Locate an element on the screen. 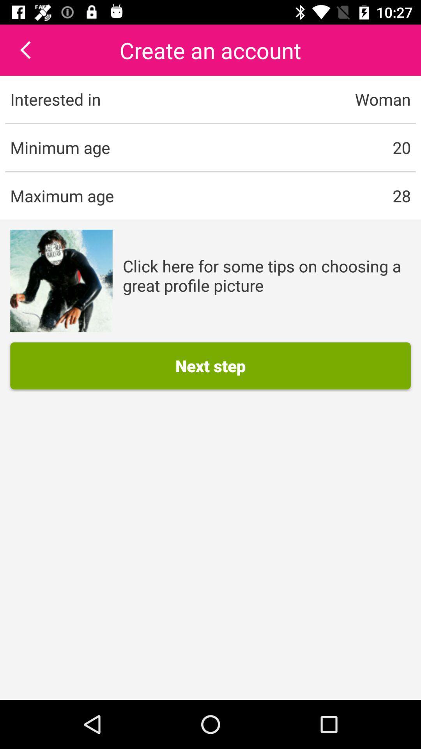 The width and height of the screenshot is (421, 749). the image above next step is located at coordinates (61, 281).